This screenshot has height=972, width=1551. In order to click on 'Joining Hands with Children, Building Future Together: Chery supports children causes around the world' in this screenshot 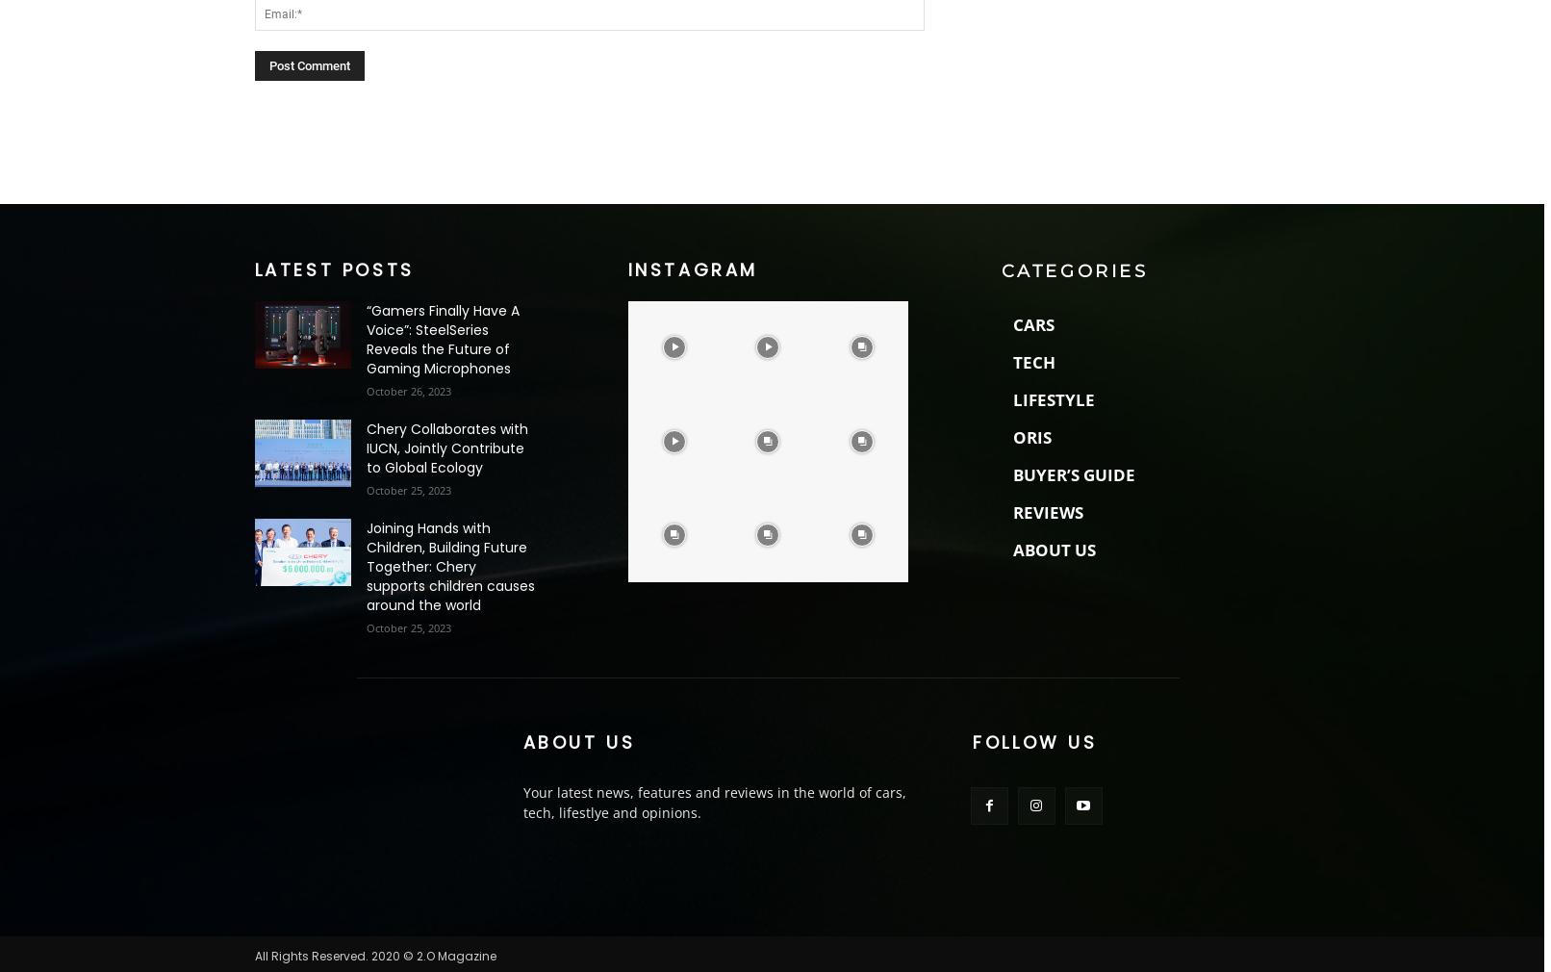, I will do `click(364, 565)`.